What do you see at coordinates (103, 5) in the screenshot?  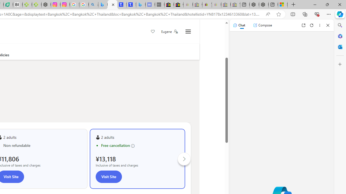 I see `'Microsoft Bing Travel - Flights from Hong Kong to Bangkok'` at bounding box center [103, 5].